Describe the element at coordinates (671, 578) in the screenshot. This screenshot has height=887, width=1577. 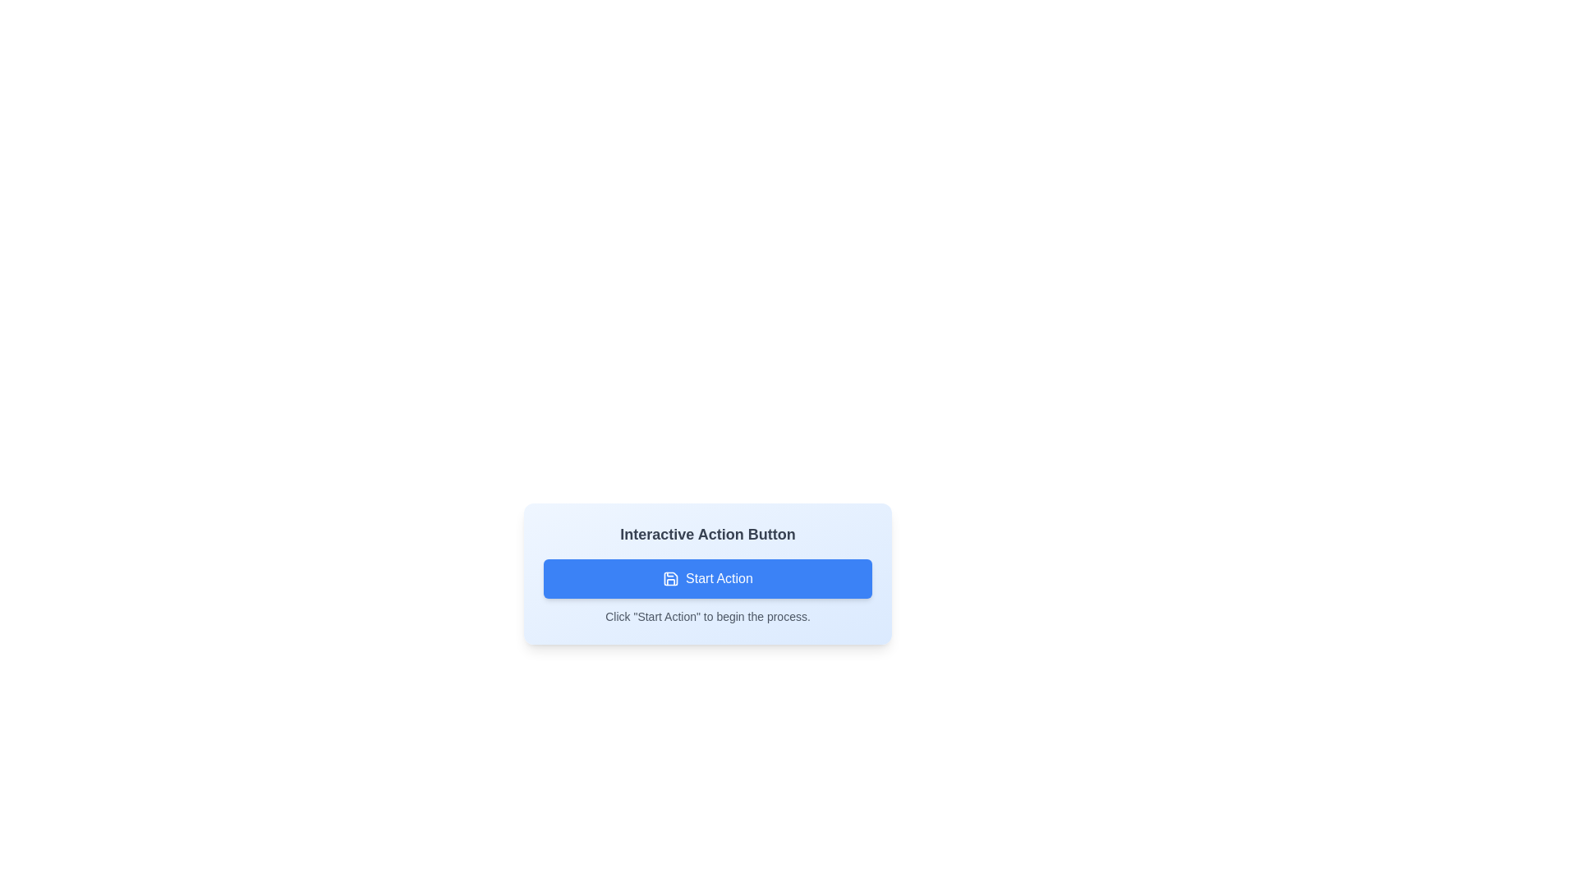
I see `the save disk icon which is part of the 'Start Action' button to initiate interaction` at that location.